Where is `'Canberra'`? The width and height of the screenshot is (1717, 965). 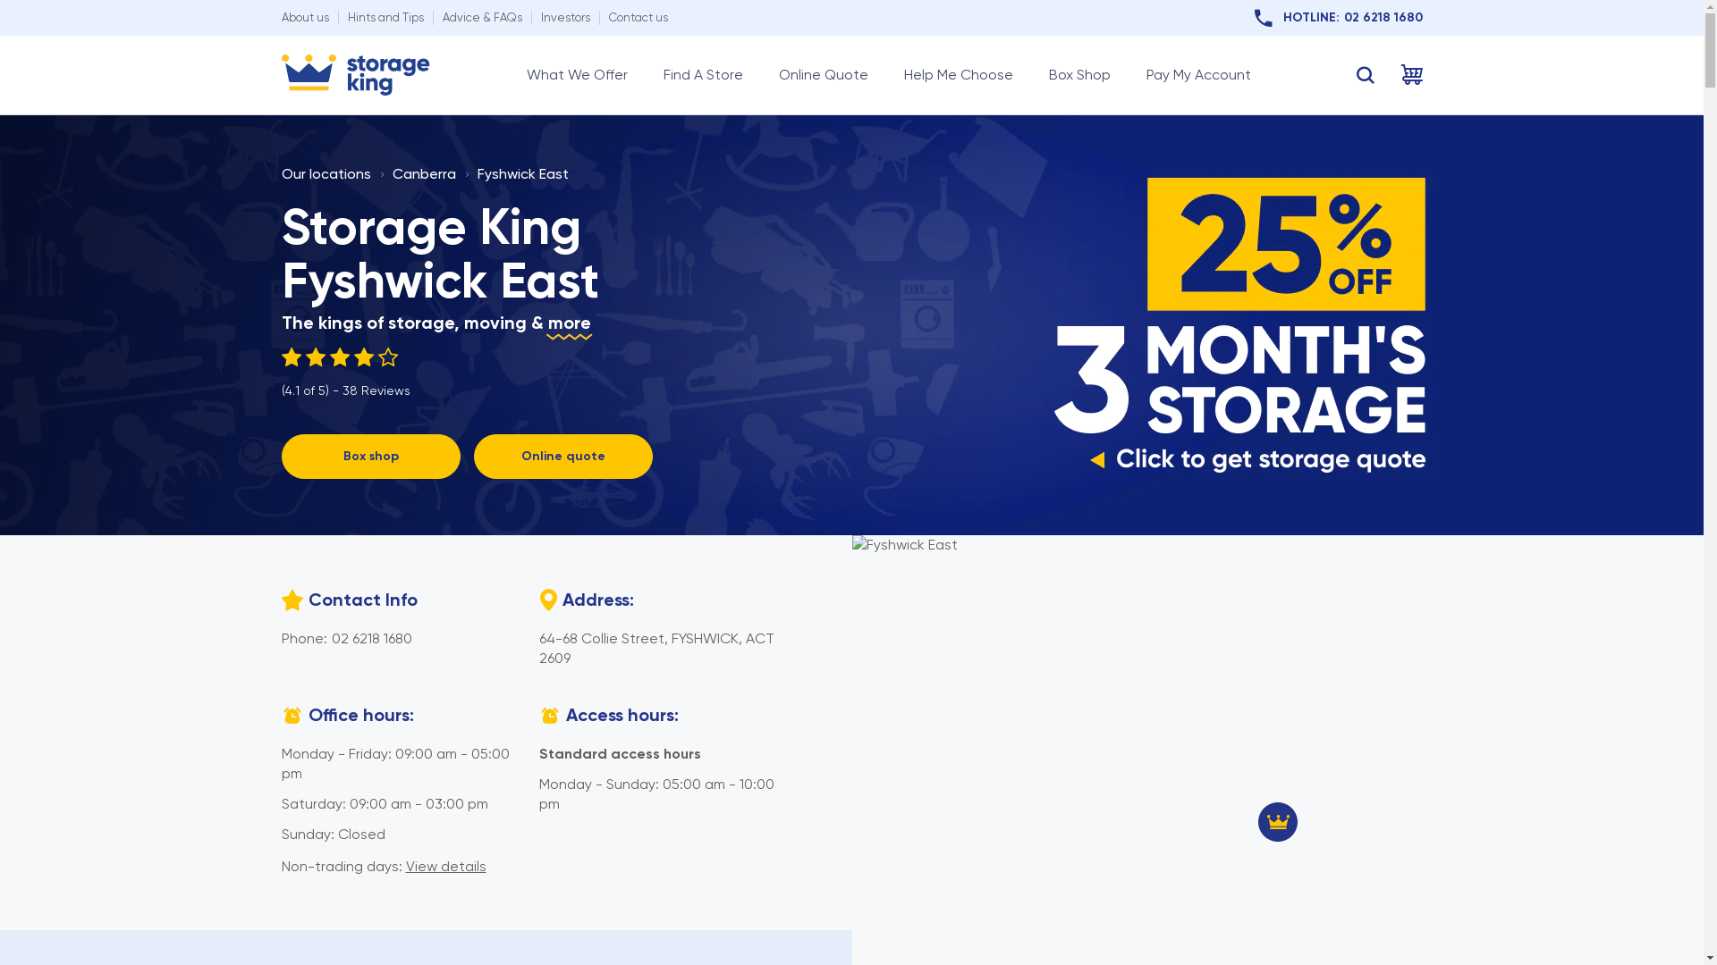
'Canberra' is located at coordinates (422, 173).